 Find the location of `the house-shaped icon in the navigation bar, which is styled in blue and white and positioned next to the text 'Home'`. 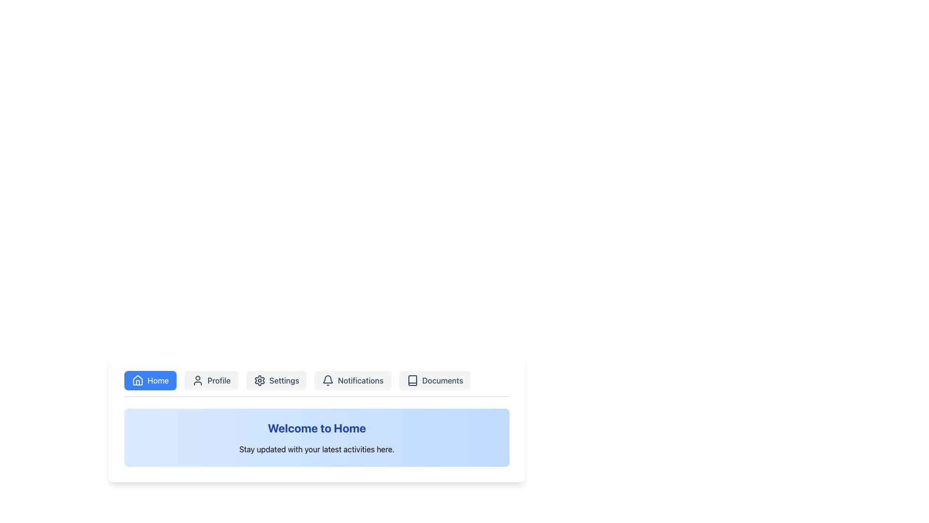

the house-shaped icon in the navigation bar, which is styled in blue and white and positioned next to the text 'Home' is located at coordinates (137, 380).